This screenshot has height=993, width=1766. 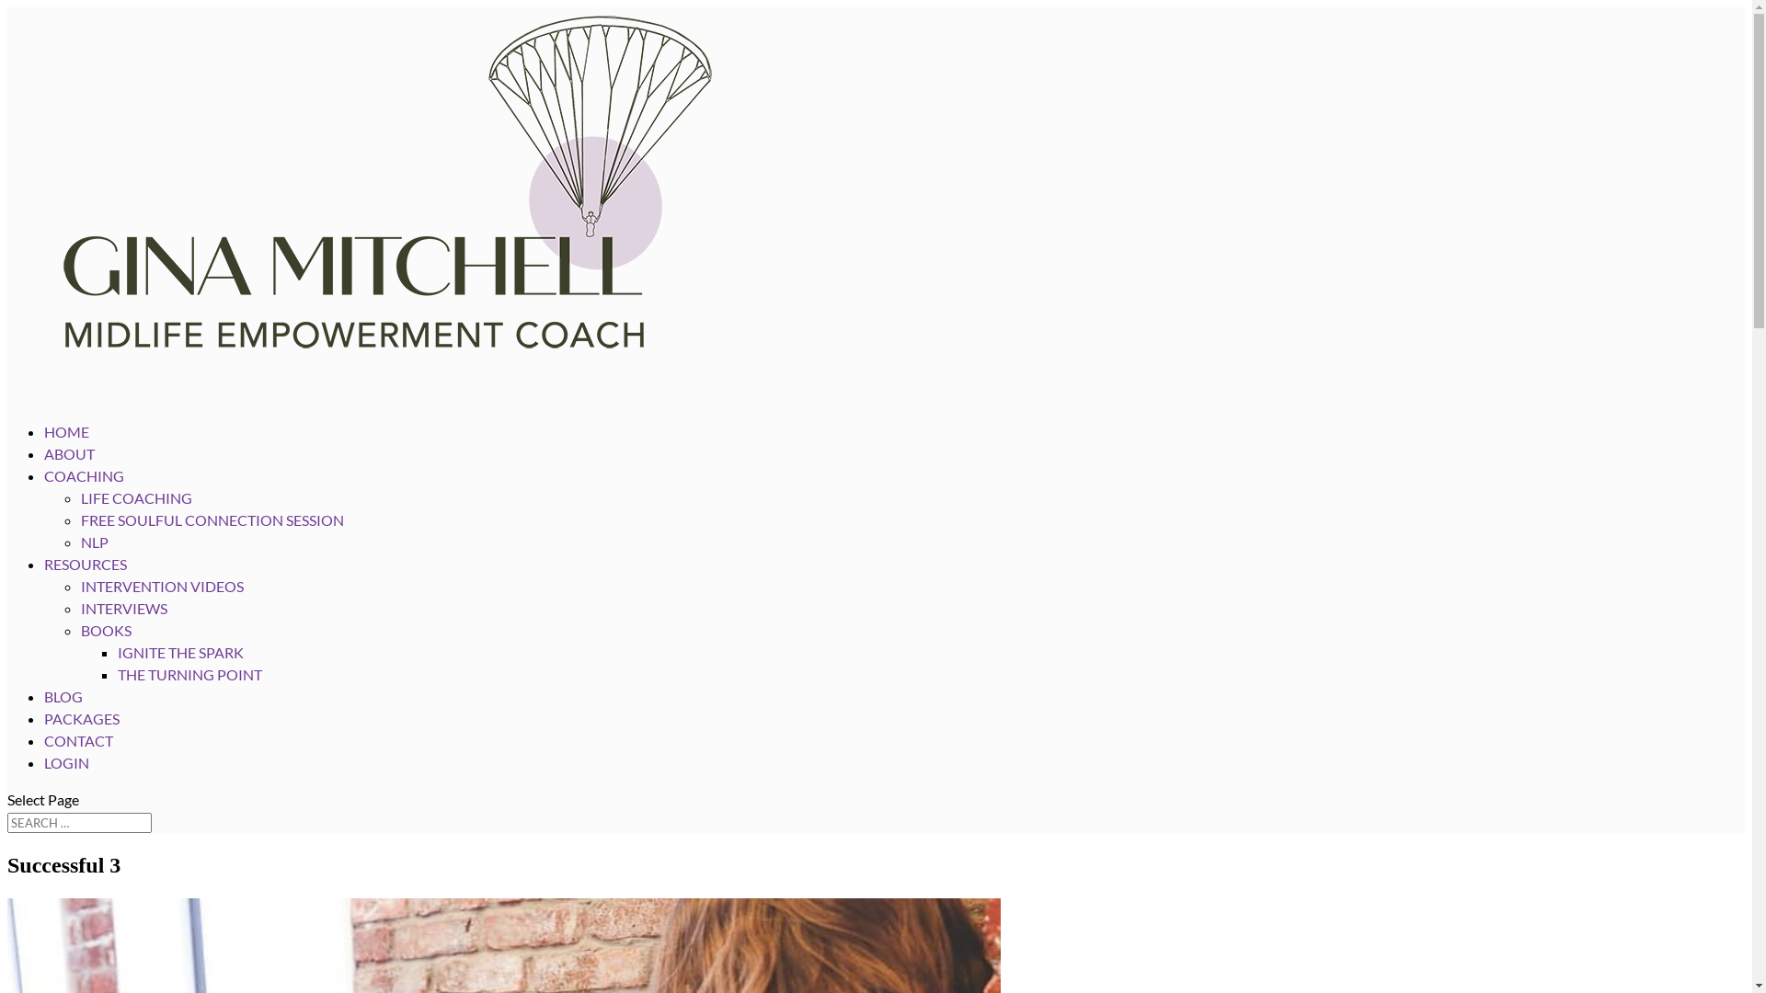 I want to click on 'CONTACT', so click(x=44, y=761).